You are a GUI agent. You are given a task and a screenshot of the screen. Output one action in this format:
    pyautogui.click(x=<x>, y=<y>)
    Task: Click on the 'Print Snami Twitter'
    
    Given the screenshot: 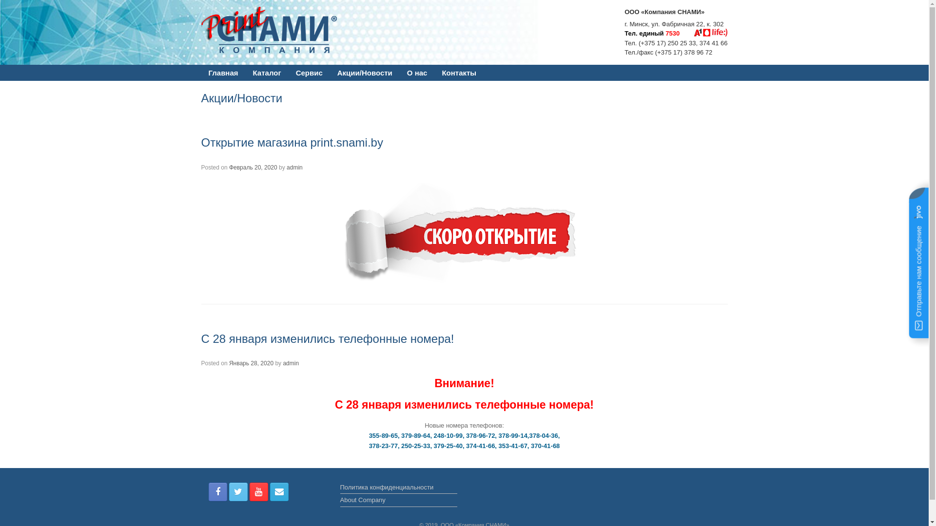 What is the action you would take?
    pyautogui.click(x=238, y=492)
    